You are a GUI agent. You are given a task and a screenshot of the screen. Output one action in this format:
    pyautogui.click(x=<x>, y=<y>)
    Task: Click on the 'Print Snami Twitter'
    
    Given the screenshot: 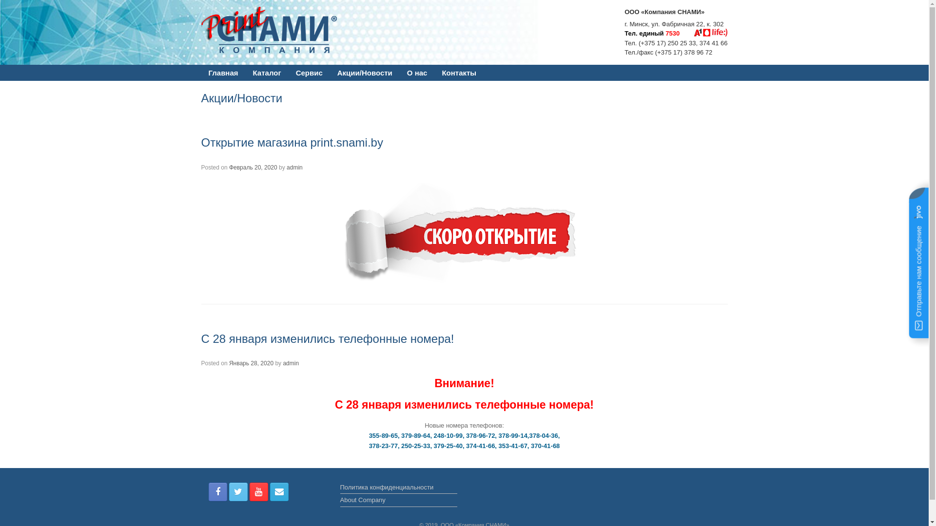 What is the action you would take?
    pyautogui.click(x=238, y=492)
    